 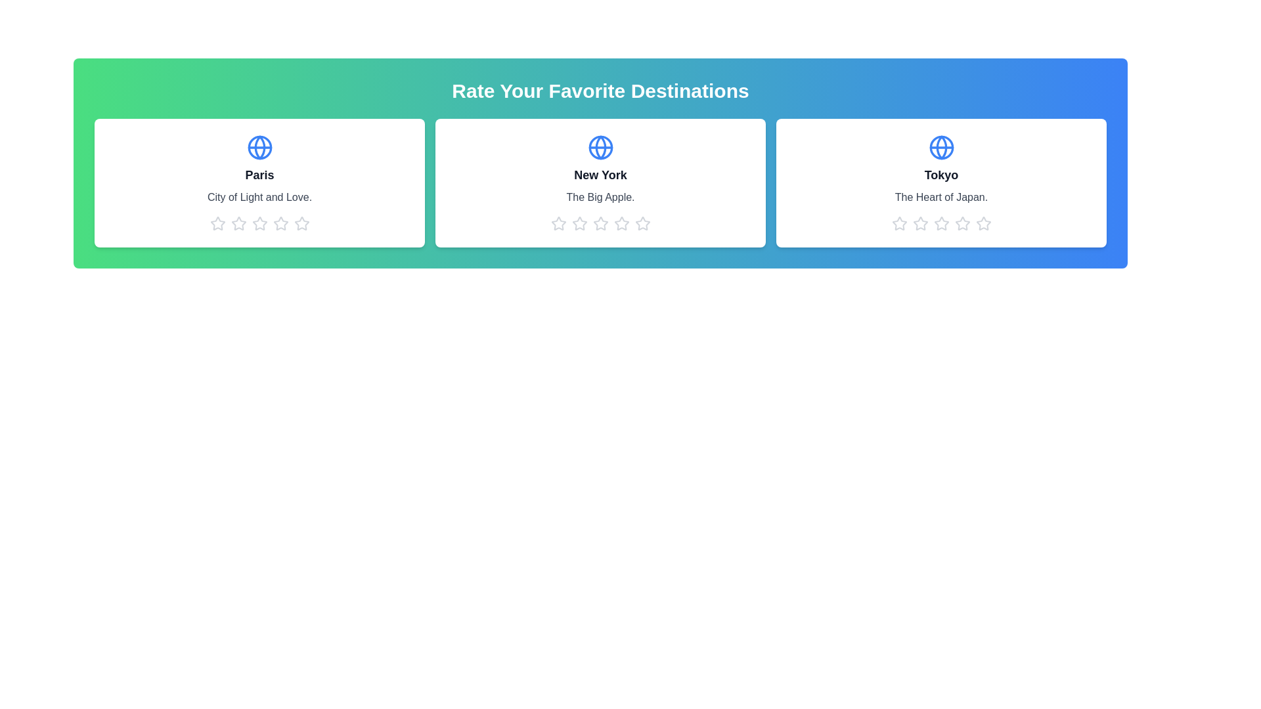 What do you see at coordinates (621, 223) in the screenshot?
I see `the 4 star icon for the destination New York` at bounding box center [621, 223].